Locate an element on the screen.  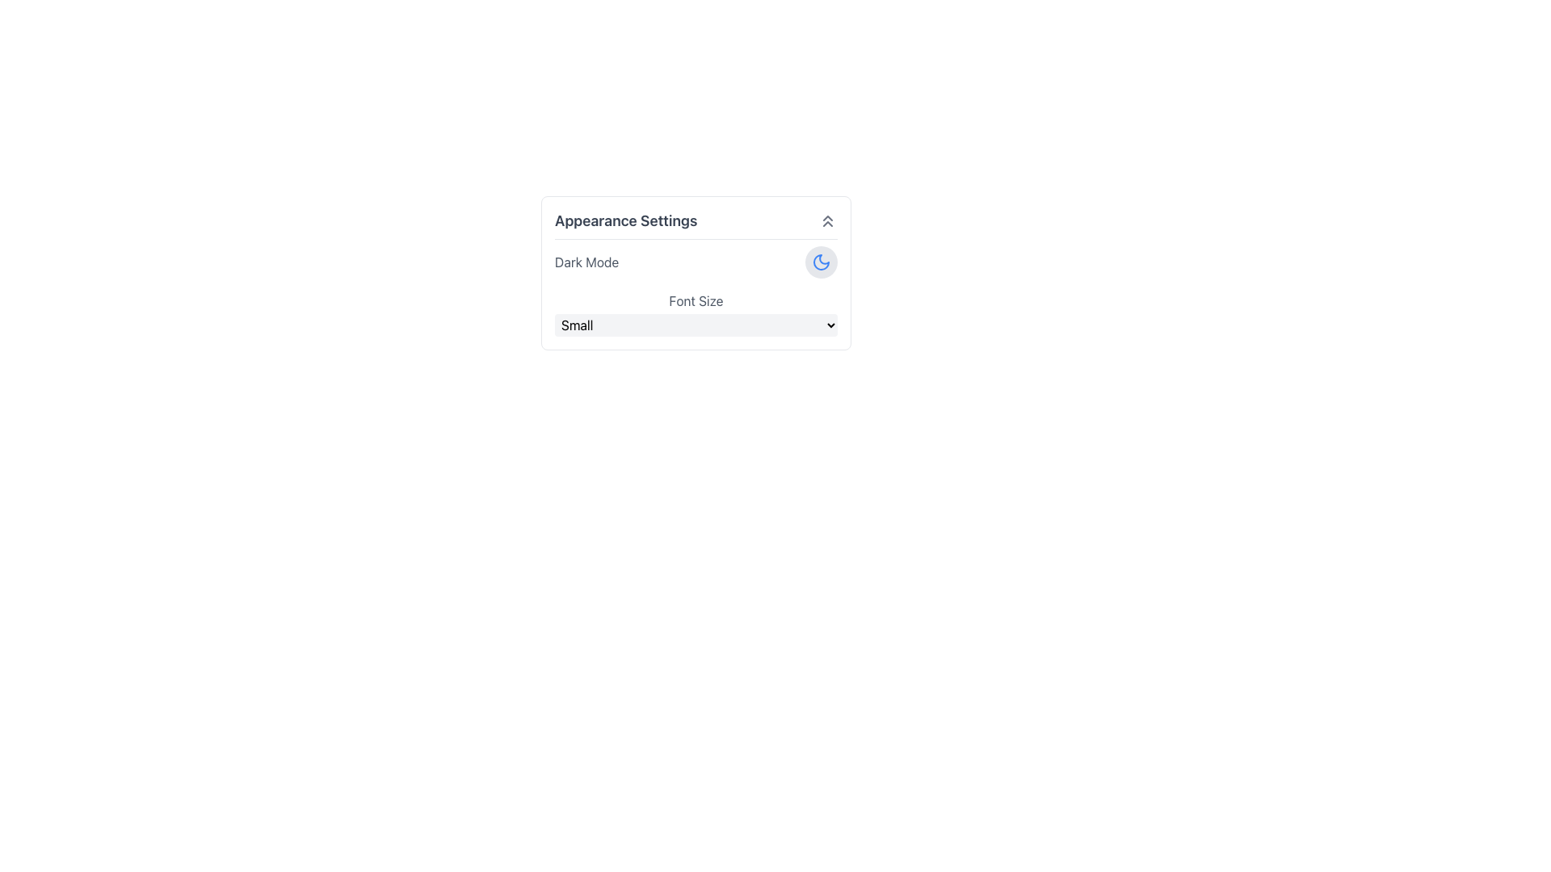
the text label that describes the toggle for switching between light and dark modes, located to the left of the circular toggle button with a moon icon is located at coordinates (586, 261).